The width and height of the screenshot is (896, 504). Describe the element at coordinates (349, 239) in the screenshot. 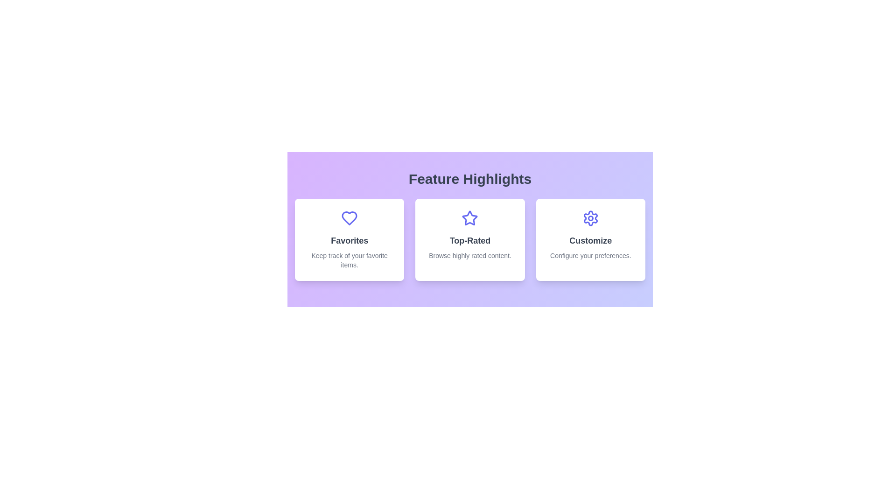

I see `the 'Favorites' informational card located at the top left of the grid layout` at that location.